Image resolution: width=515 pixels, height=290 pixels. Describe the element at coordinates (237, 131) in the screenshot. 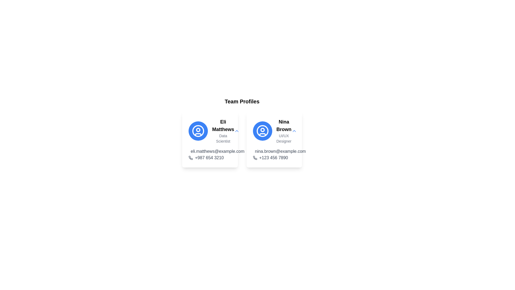

I see `the upward pointing blue triangular chevron icon located to the right of the text 'Data Scientist' in the profile information of 'Eli Matthews'` at that location.